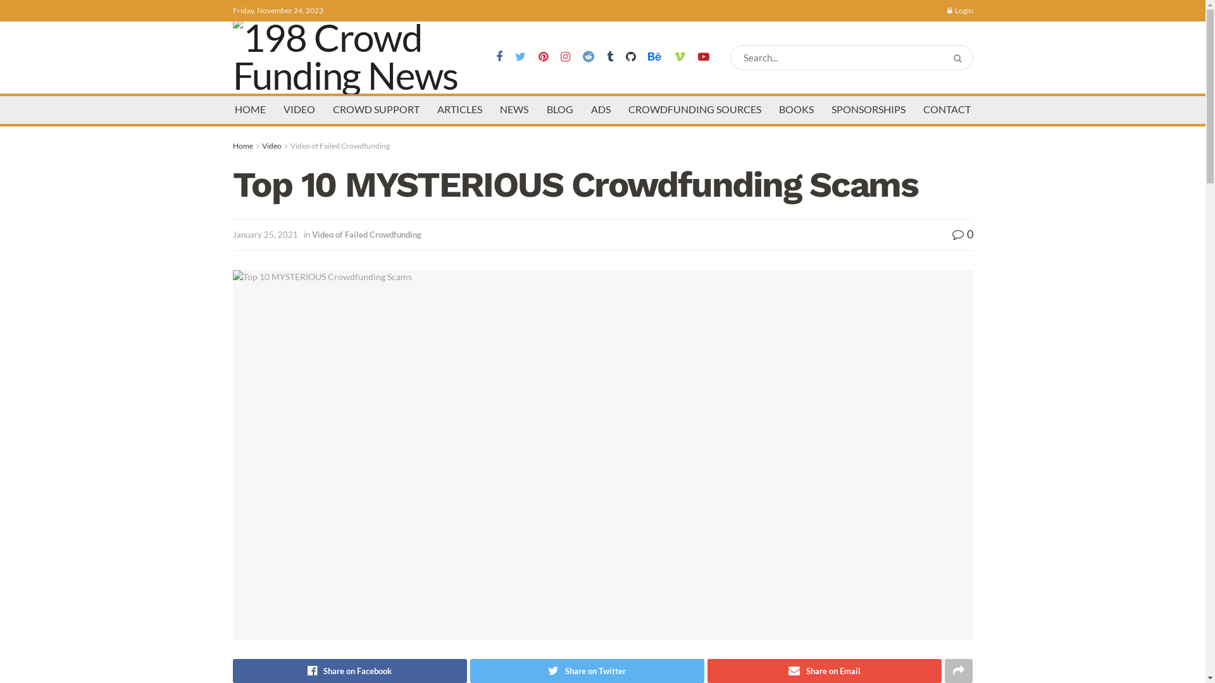 Image resolution: width=1215 pixels, height=683 pixels. I want to click on 'CROWDFUNDING SOURCES', so click(628, 108).